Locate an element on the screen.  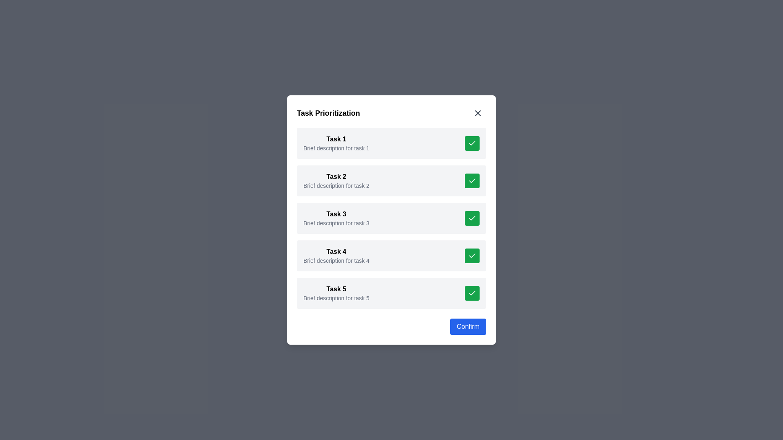
the checkmark icon with a green background and white checkmark in the third task row of the task management dialog is located at coordinates (472, 218).